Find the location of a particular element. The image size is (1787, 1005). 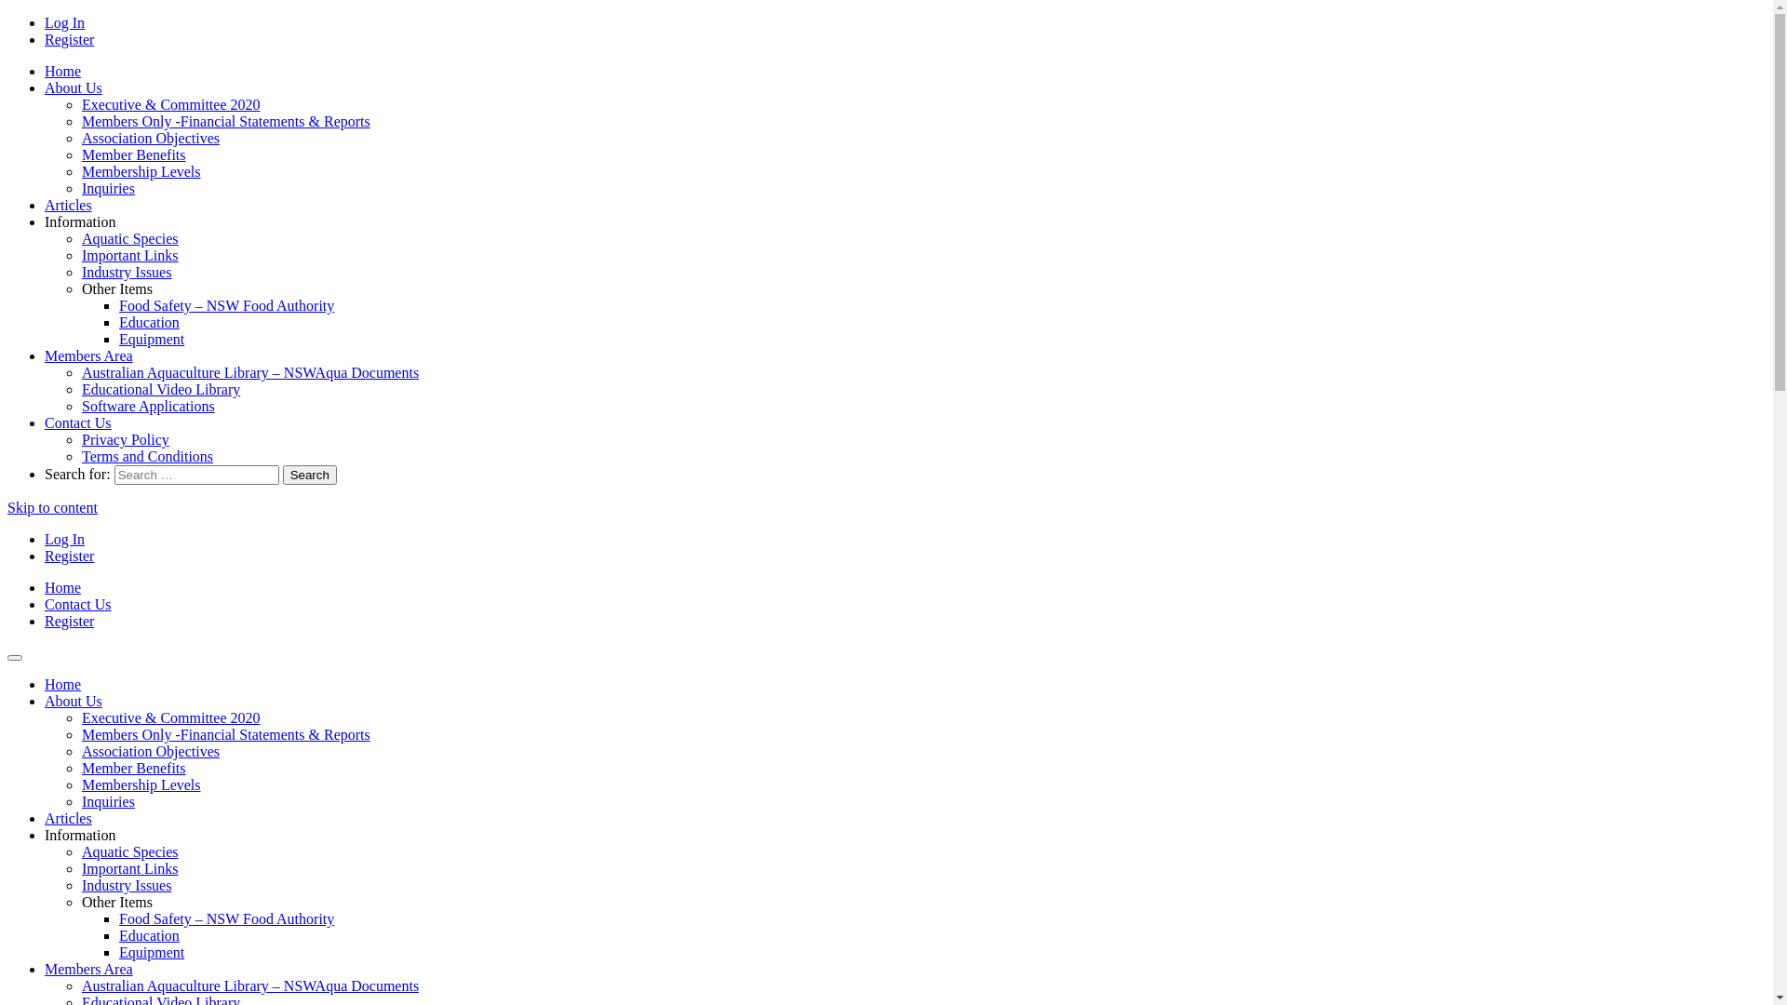

'Privacy Policy' is located at coordinates (80, 439).